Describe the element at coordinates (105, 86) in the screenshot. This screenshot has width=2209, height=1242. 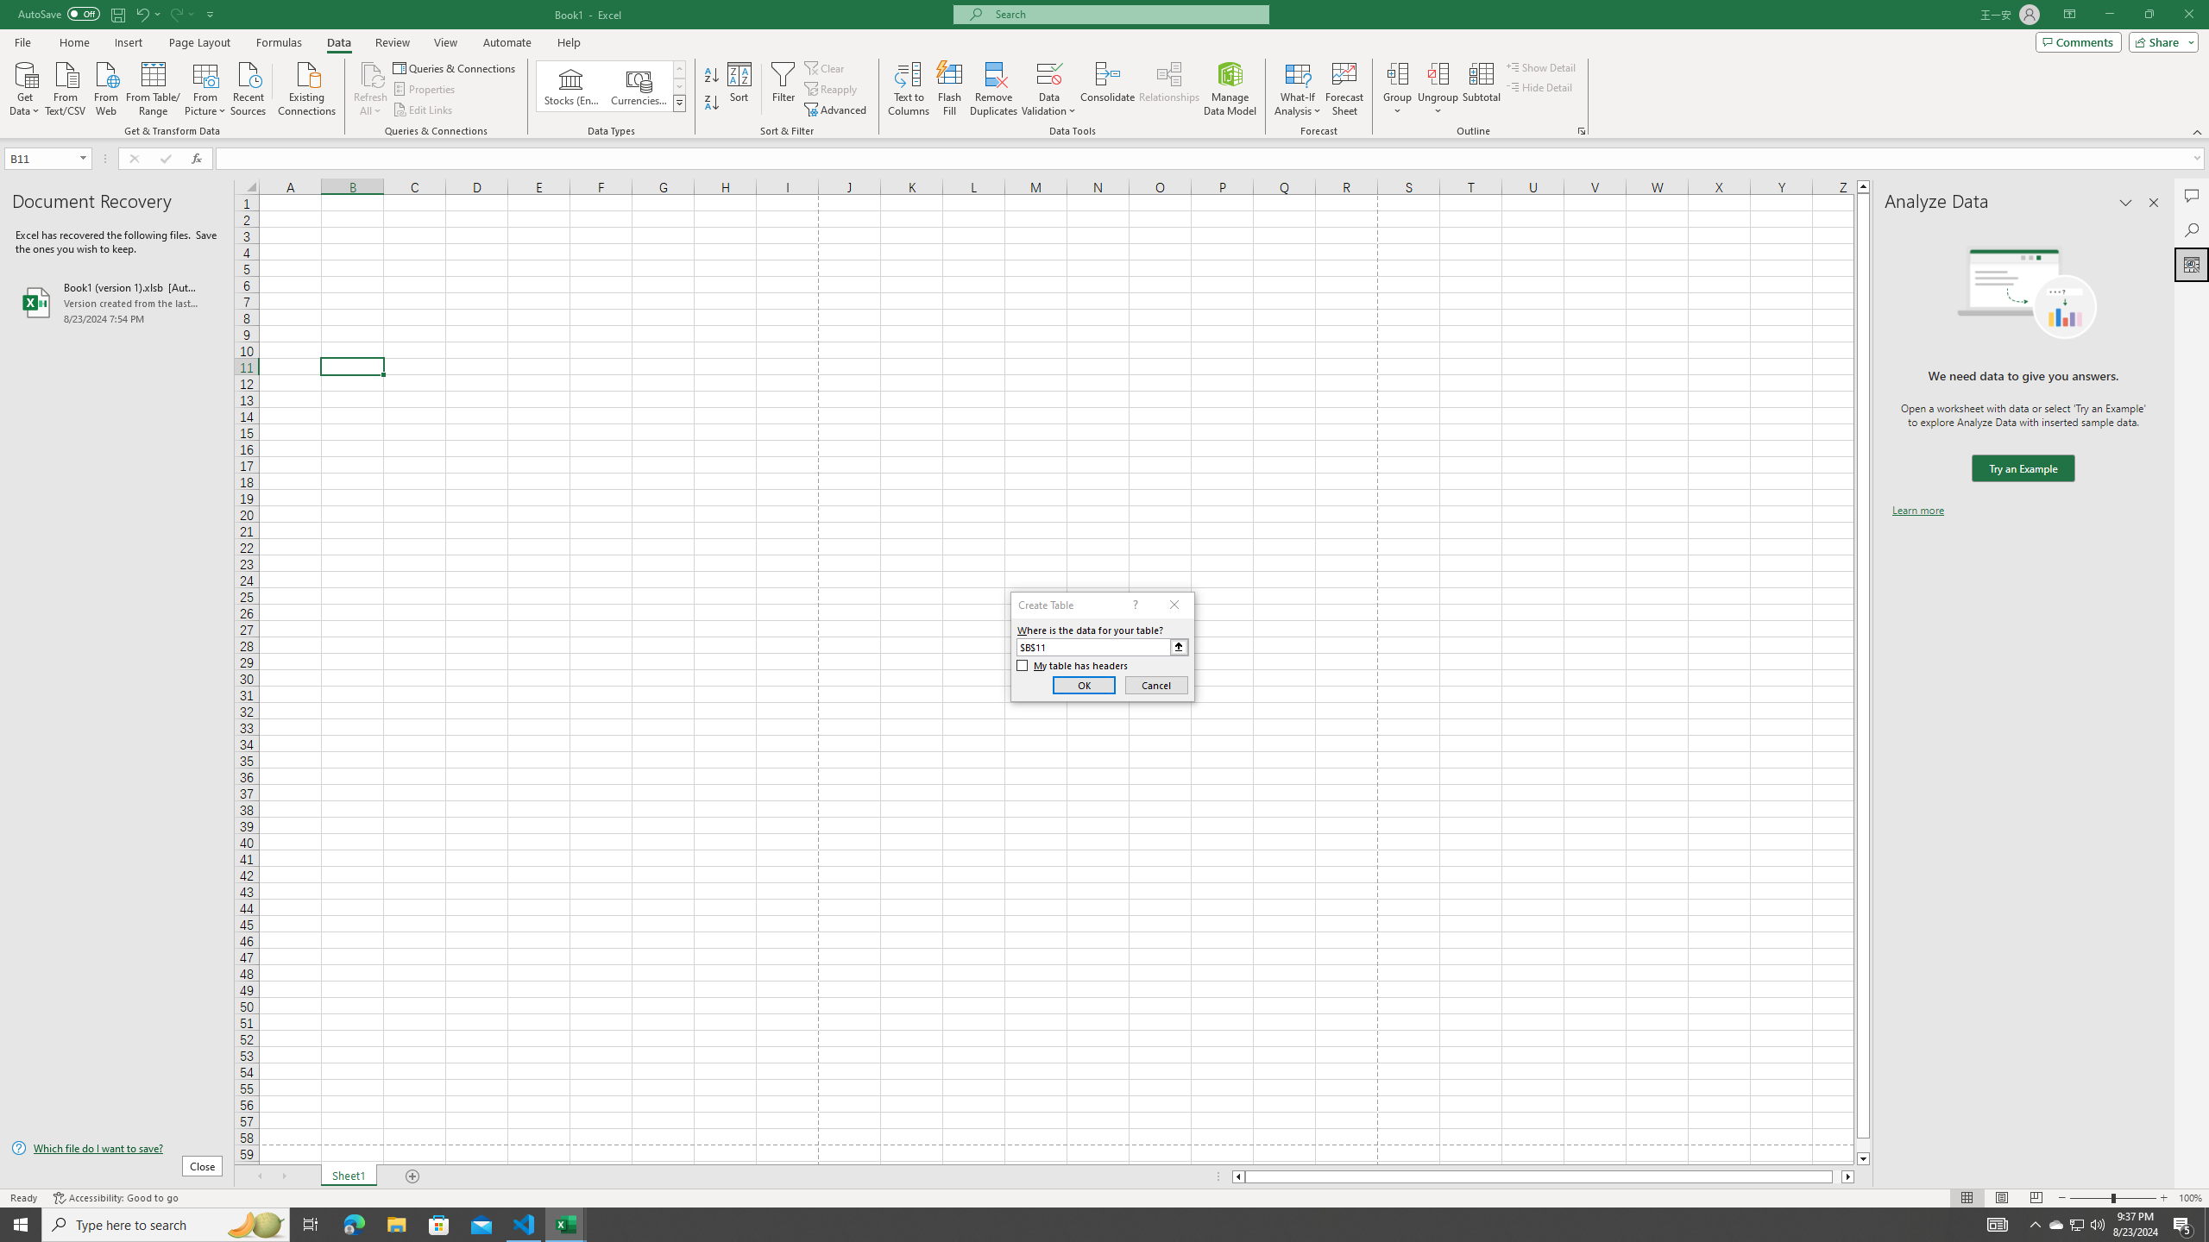
I see `'From Web'` at that location.